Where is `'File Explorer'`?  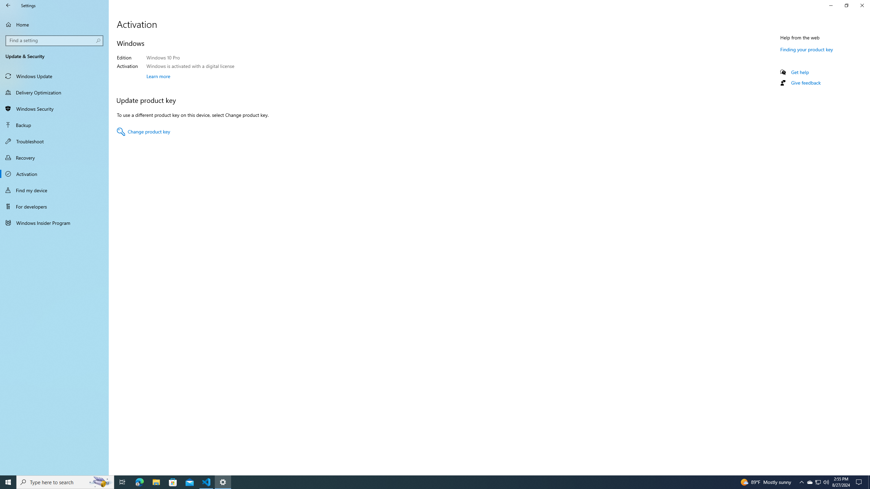 'File Explorer' is located at coordinates (156, 482).